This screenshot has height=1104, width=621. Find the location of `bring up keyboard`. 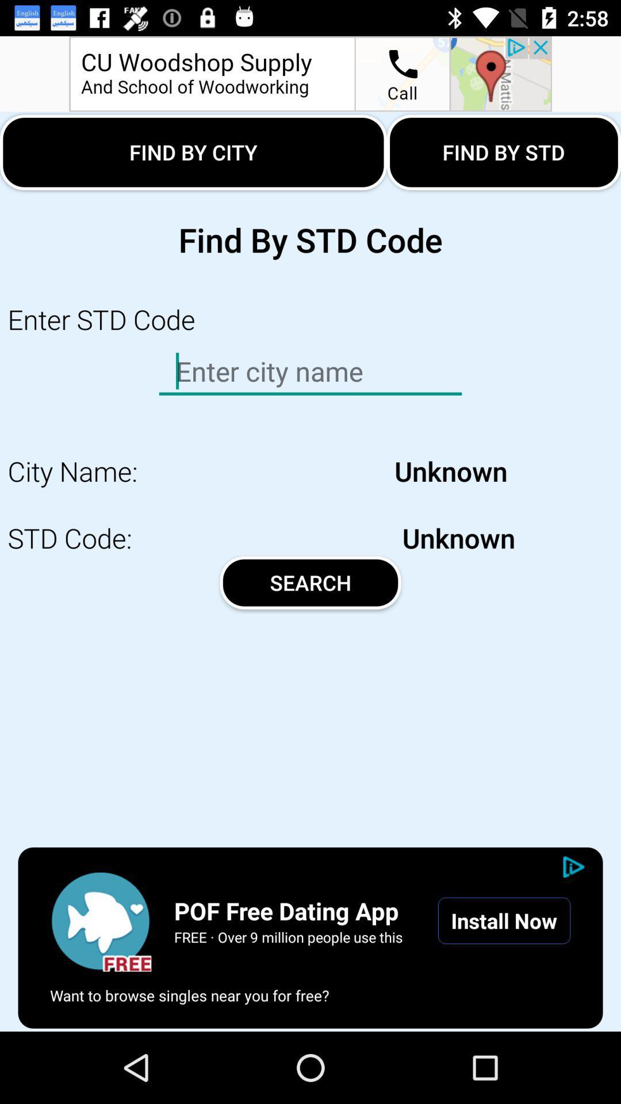

bring up keyboard is located at coordinates (310, 371).